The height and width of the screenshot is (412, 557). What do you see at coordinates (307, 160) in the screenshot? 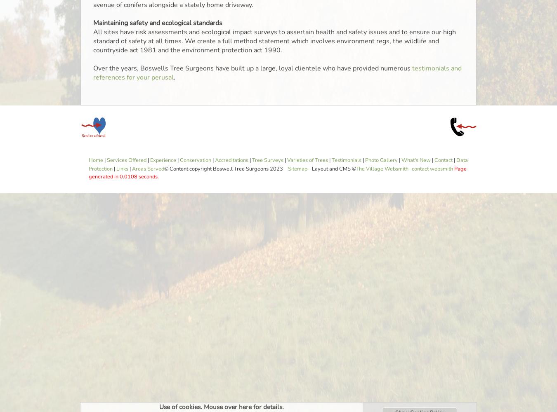
I see `'Varieties of Trees'` at bounding box center [307, 160].